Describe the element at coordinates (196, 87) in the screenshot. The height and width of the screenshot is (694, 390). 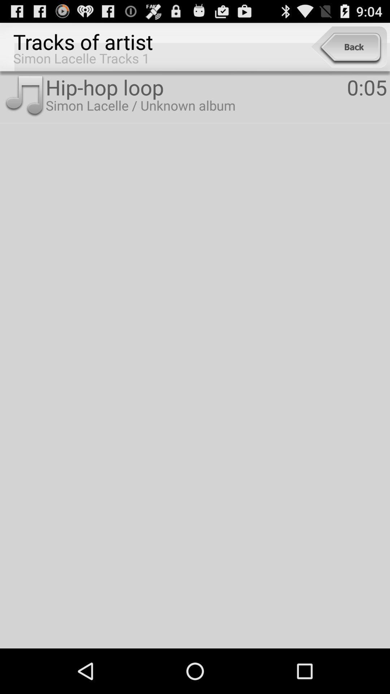
I see `the item to the left of 0:05 icon` at that location.